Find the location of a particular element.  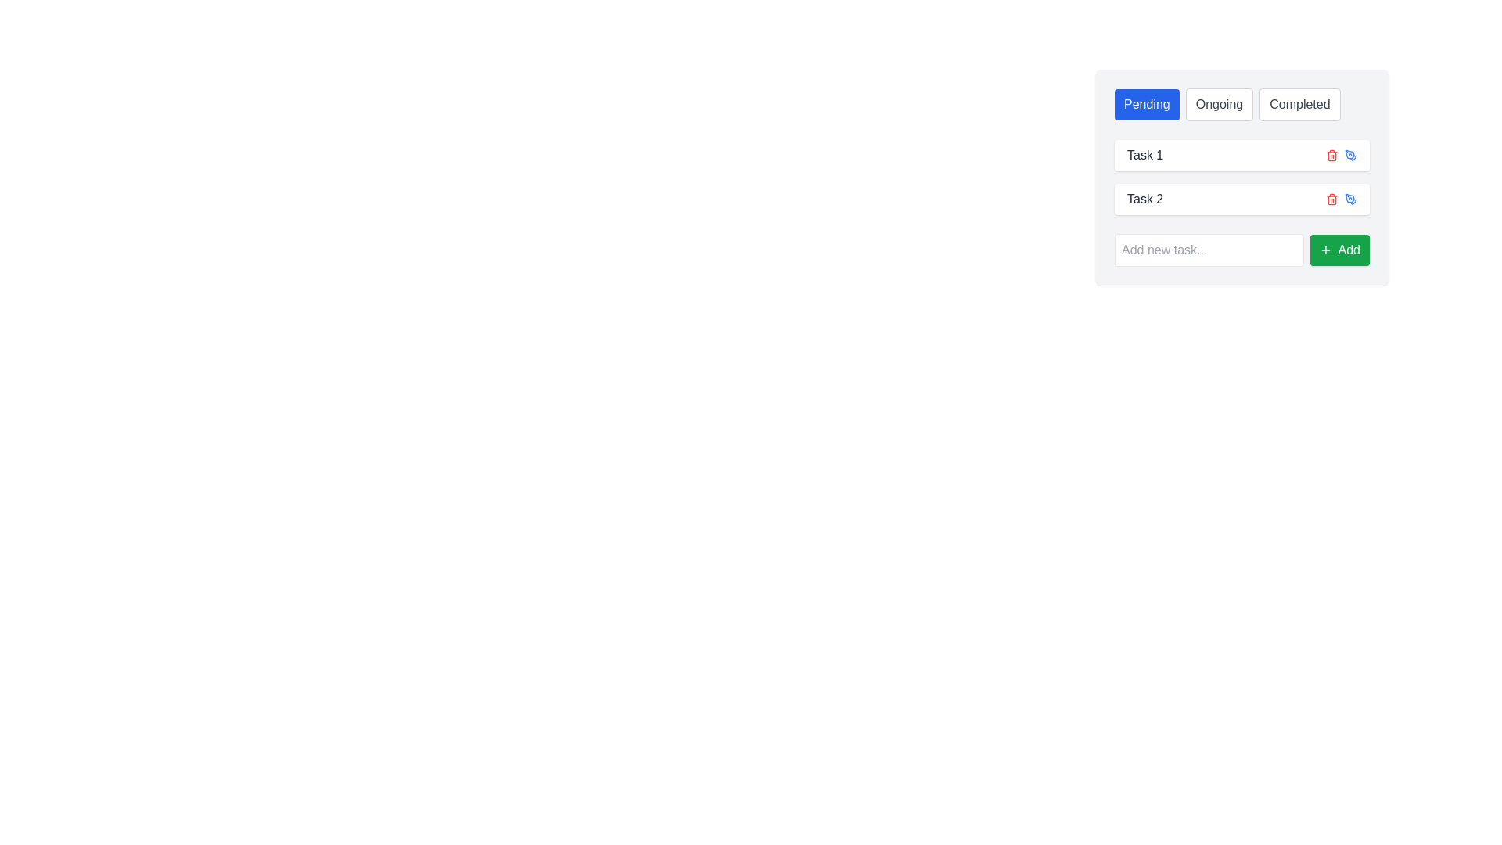

the Interactive icon button located in the top-right portion of the interface, near 'Task 2' is located at coordinates (1350, 198).